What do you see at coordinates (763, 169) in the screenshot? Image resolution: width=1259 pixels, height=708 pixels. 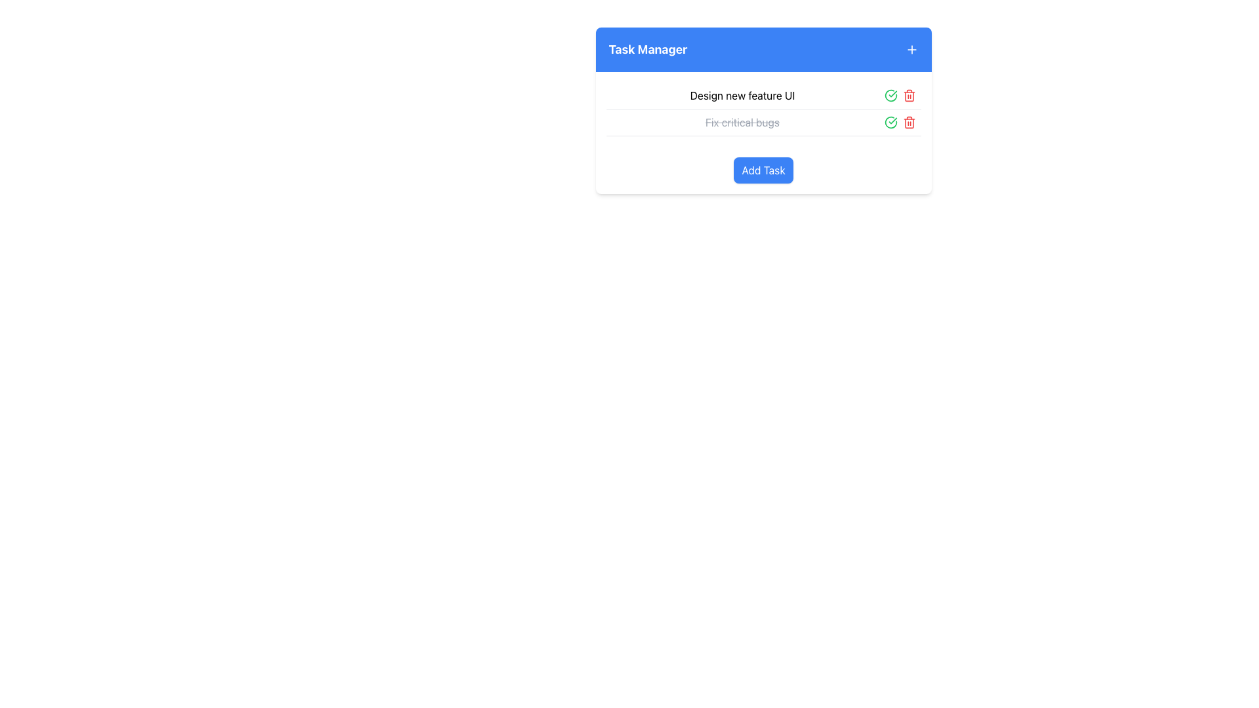 I see `the 'Add Task' button located at the bottom of the Task Manager` at bounding box center [763, 169].